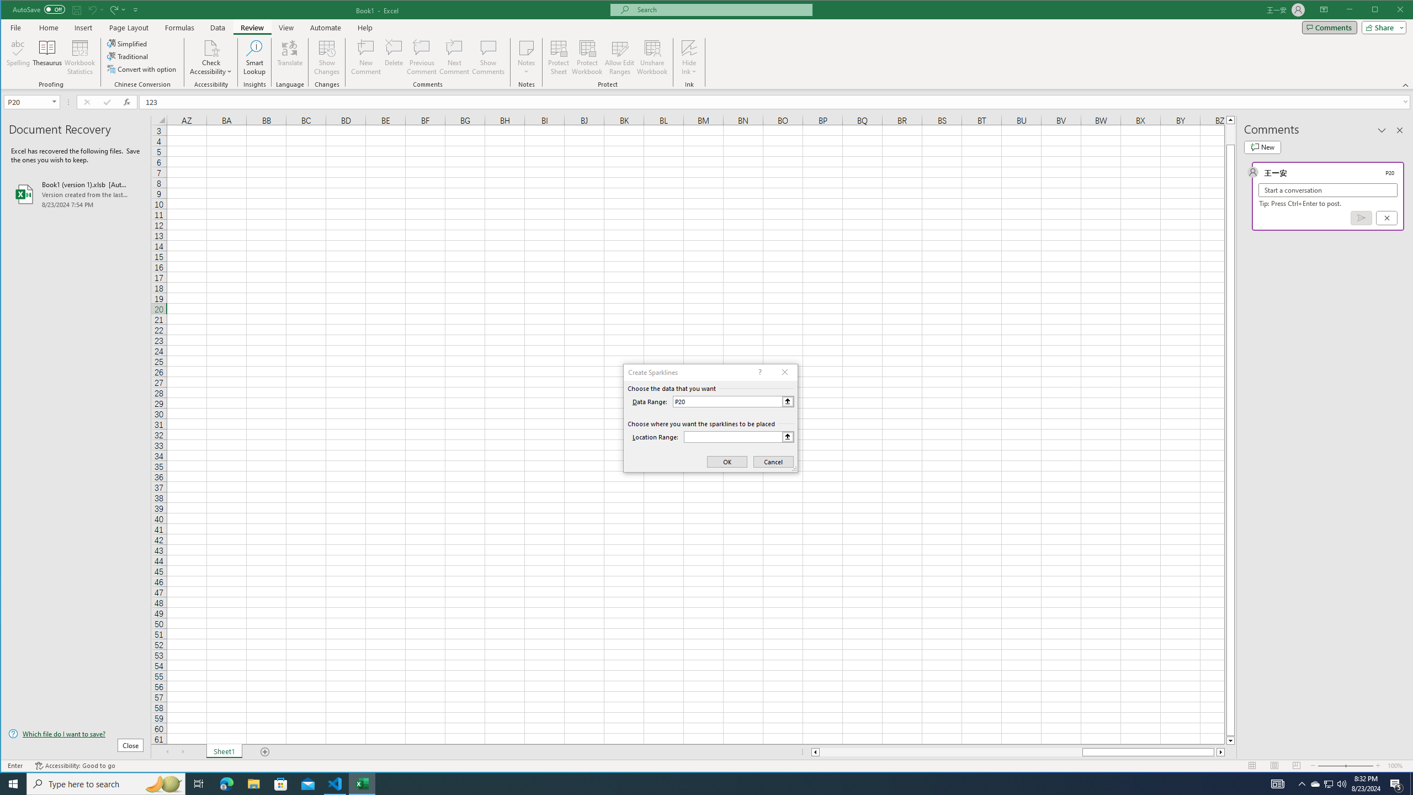 This screenshot has height=795, width=1413. I want to click on 'Help', so click(364, 27).